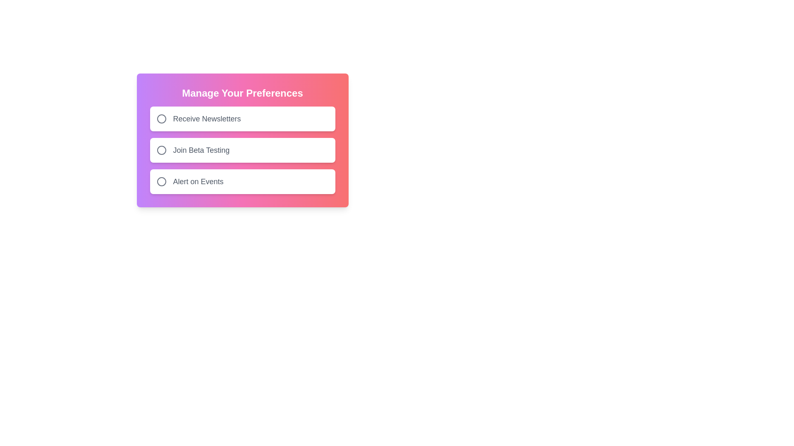 Image resolution: width=794 pixels, height=446 pixels. What do you see at coordinates (207, 119) in the screenshot?
I see `the text label reading 'Receive Newsletters'` at bounding box center [207, 119].